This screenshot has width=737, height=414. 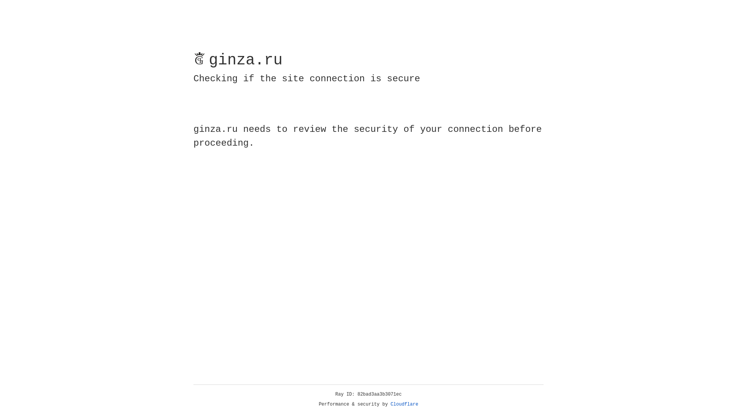 What do you see at coordinates (404, 404) in the screenshot?
I see `'Cloudflare'` at bounding box center [404, 404].